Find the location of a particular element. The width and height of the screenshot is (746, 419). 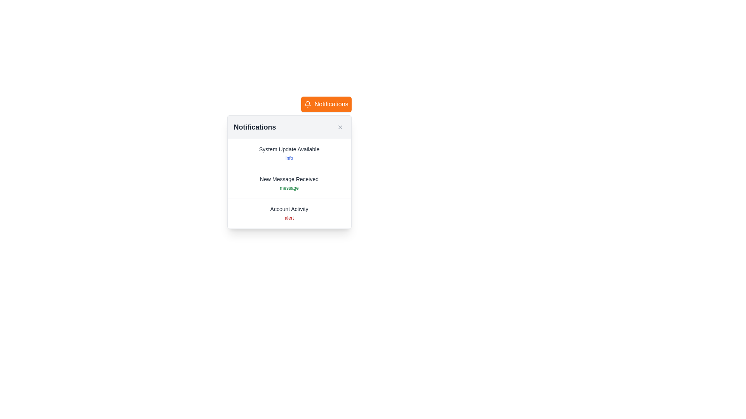

the button located at the top-right of the notification panel is located at coordinates (326, 104).